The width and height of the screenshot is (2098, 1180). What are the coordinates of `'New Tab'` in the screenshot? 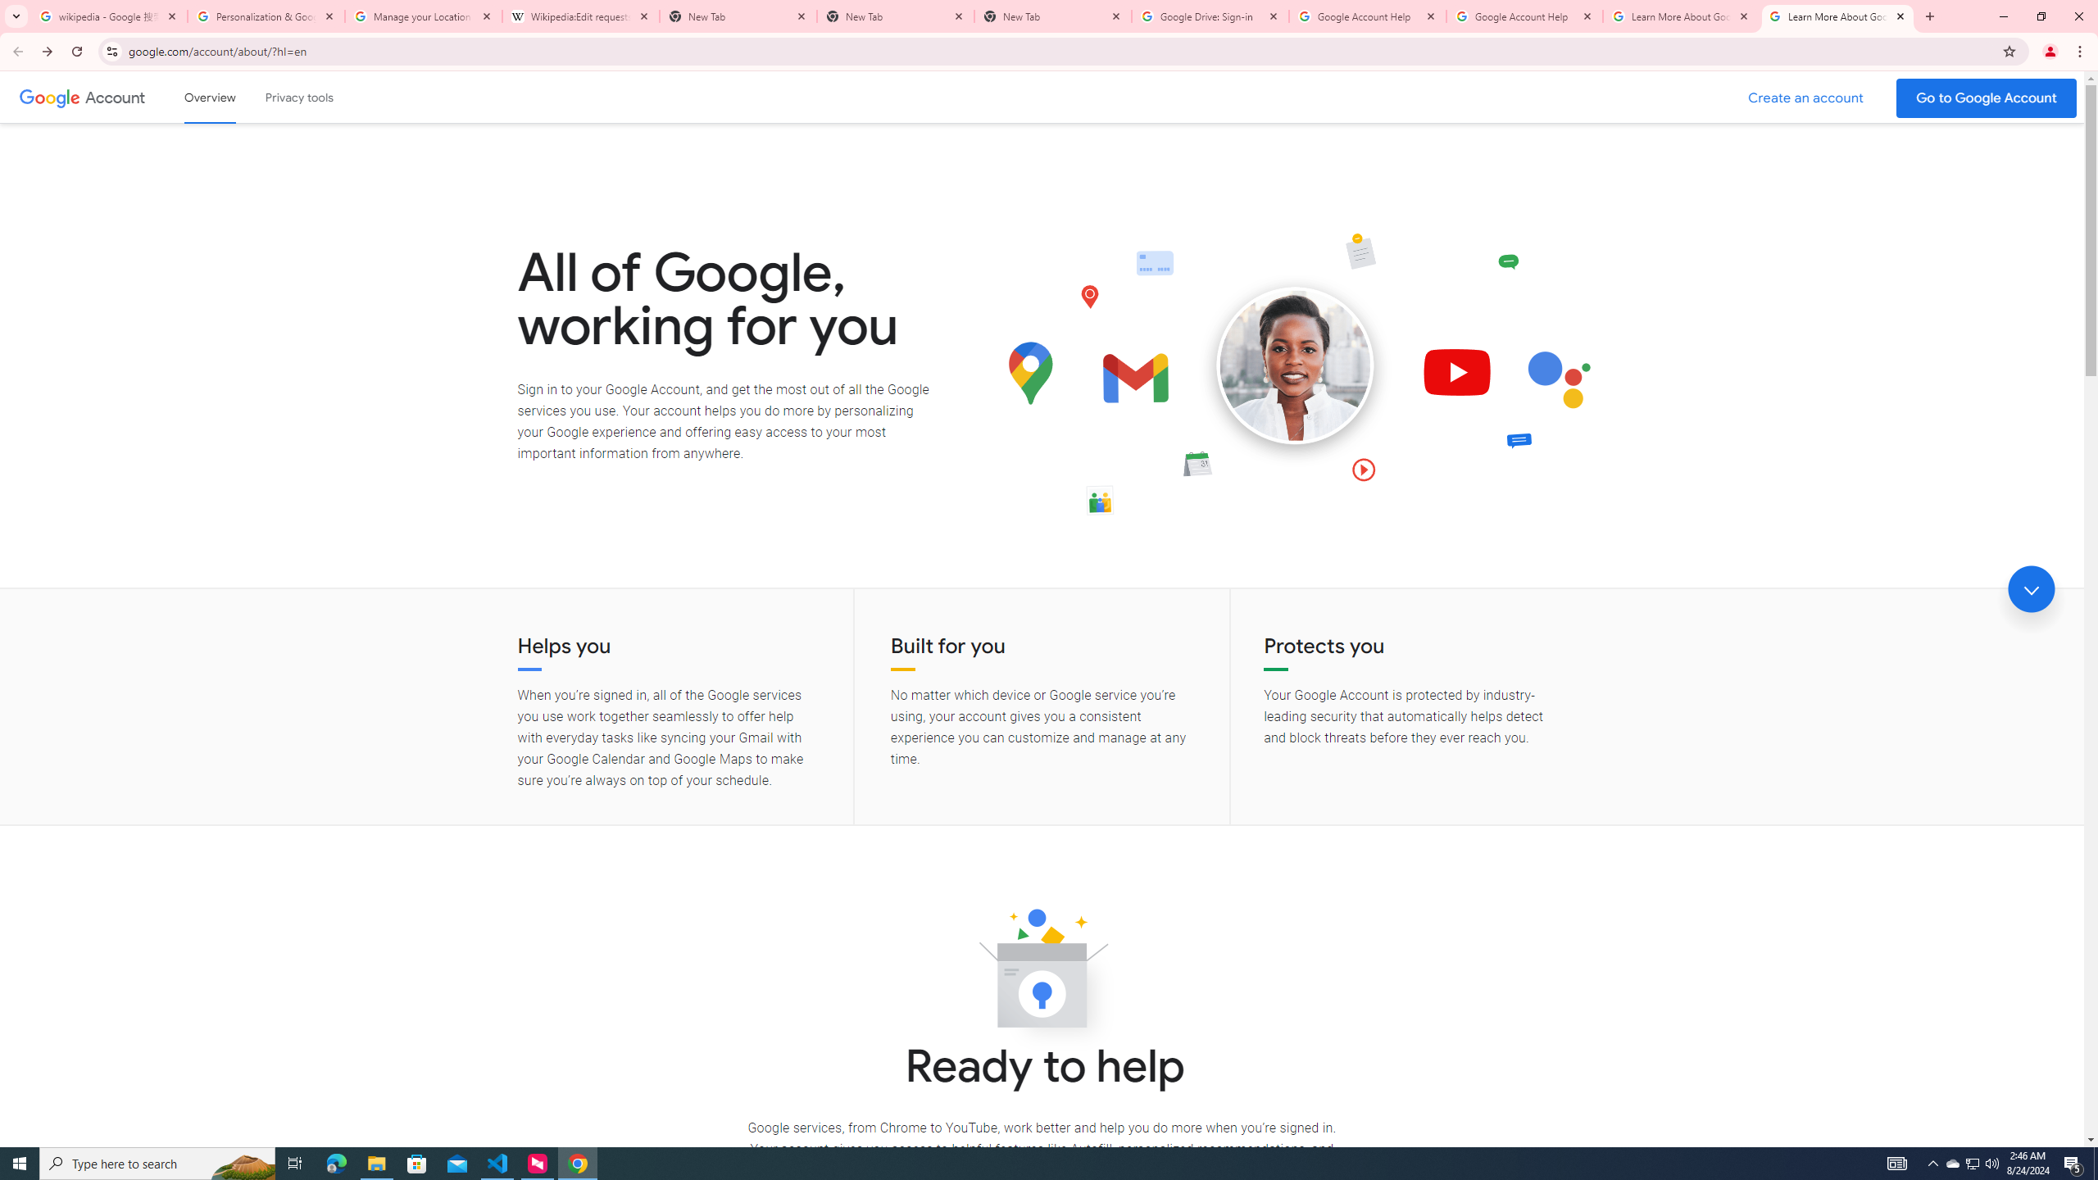 It's located at (895, 16).